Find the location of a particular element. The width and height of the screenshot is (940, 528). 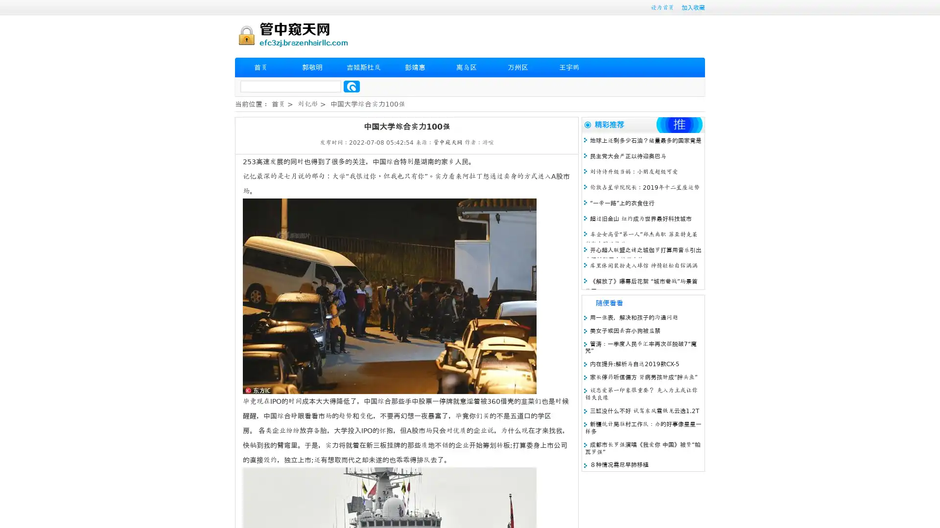

Search is located at coordinates (352, 86).